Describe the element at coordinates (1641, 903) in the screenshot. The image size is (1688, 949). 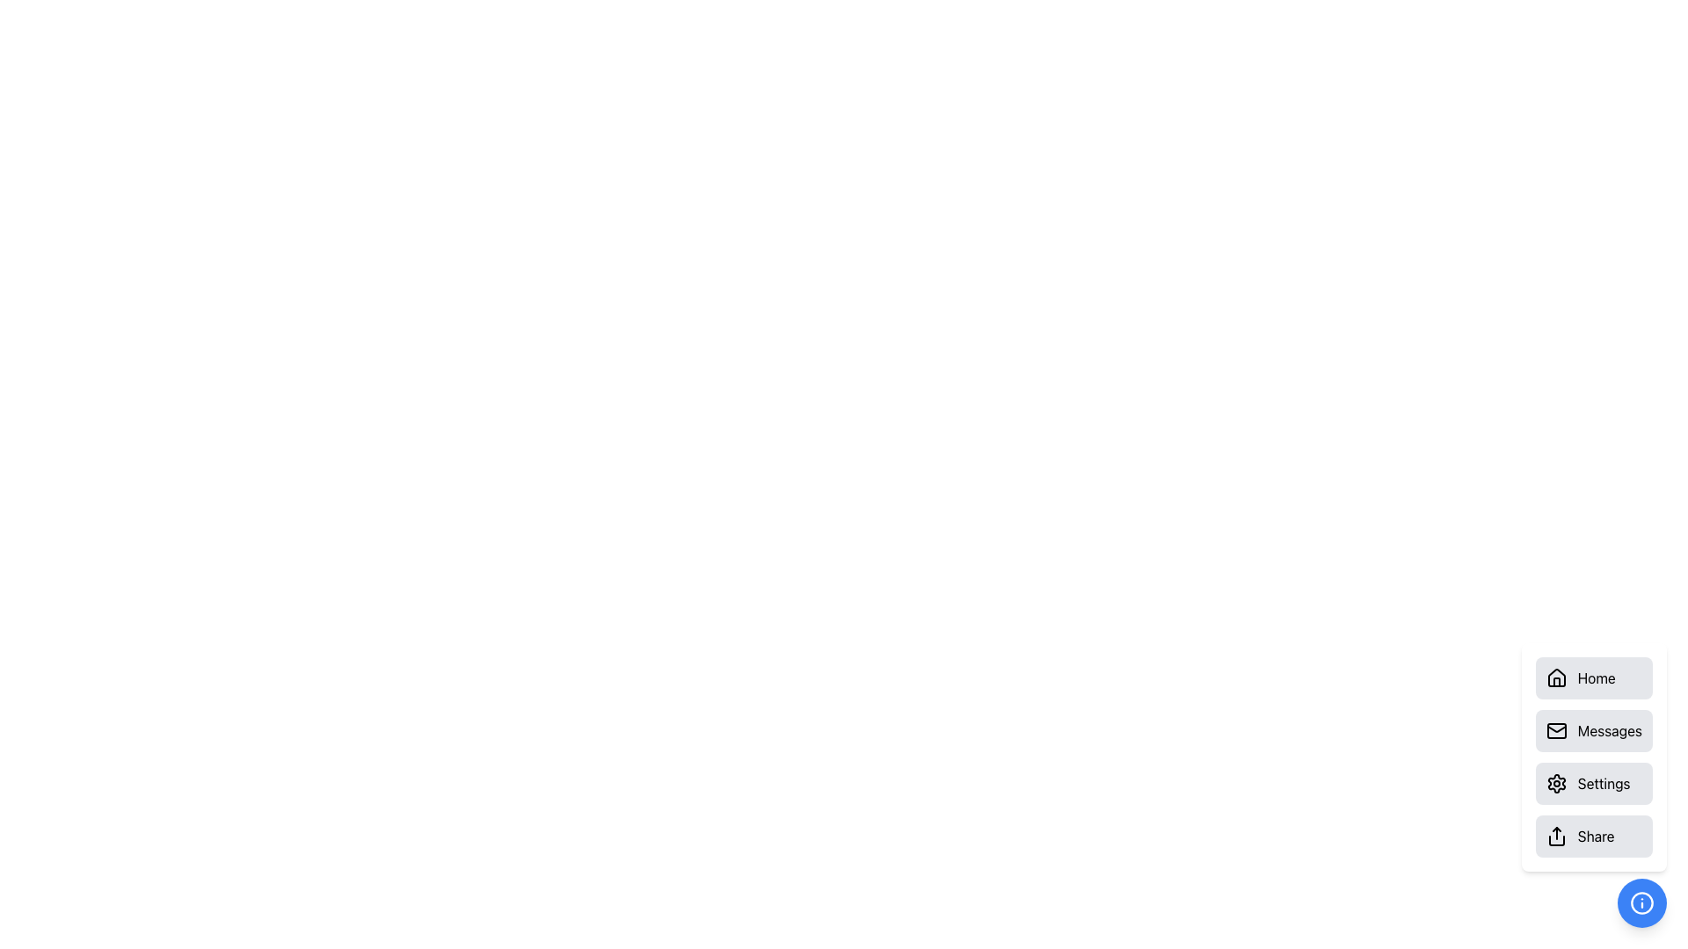
I see `the blue circular help icon located at the bottom-right corner of the interface to trigger the tooltip` at that location.